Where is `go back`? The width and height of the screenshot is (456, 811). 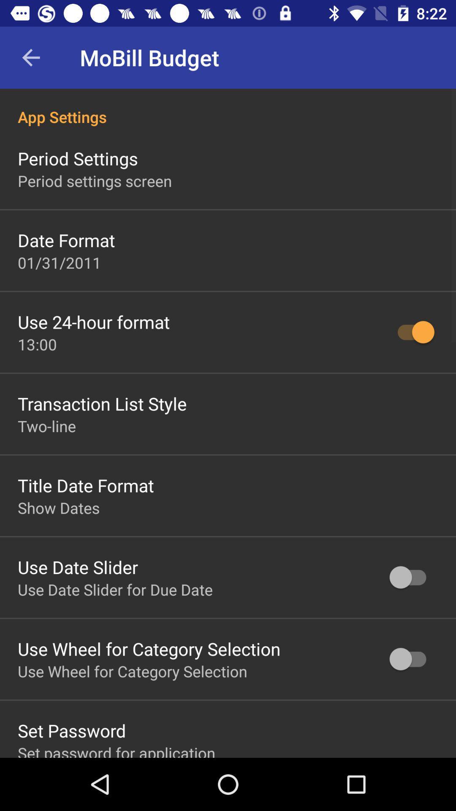 go back is located at coordinates (30, 57).